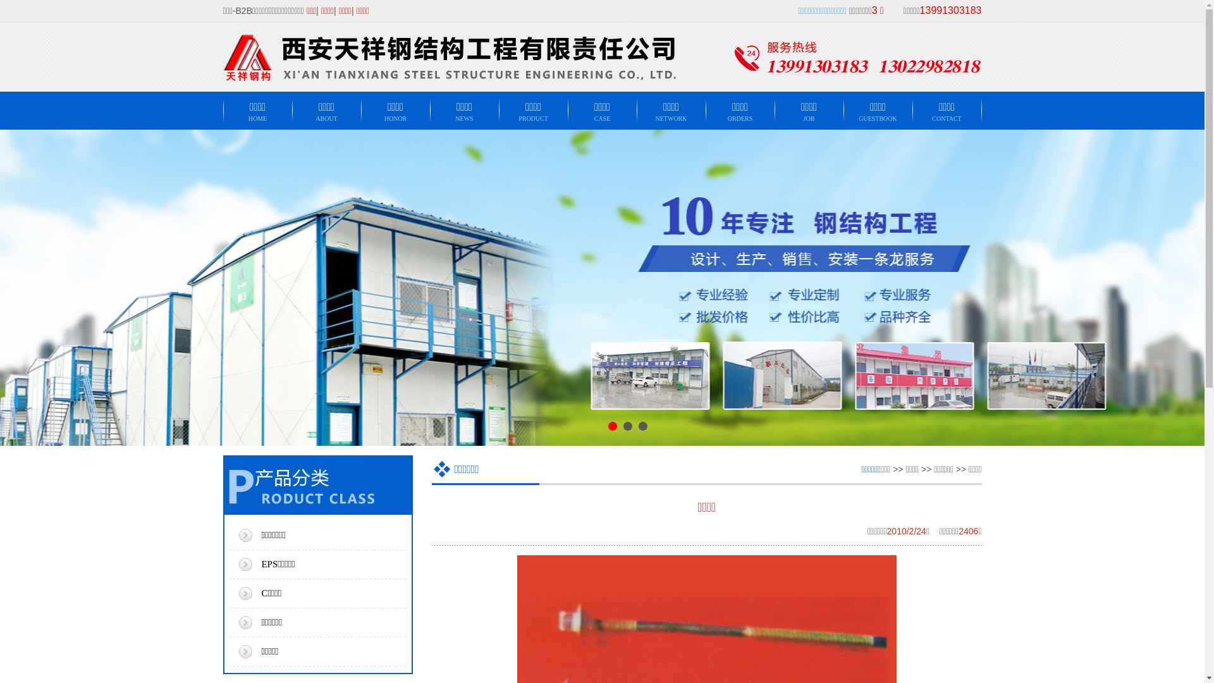 The width and height of the screenshot is (1214, 683). What do you see at coordinates (613, 426) in the screenshot?
I see `'1'` at bounding box center [613, 426].